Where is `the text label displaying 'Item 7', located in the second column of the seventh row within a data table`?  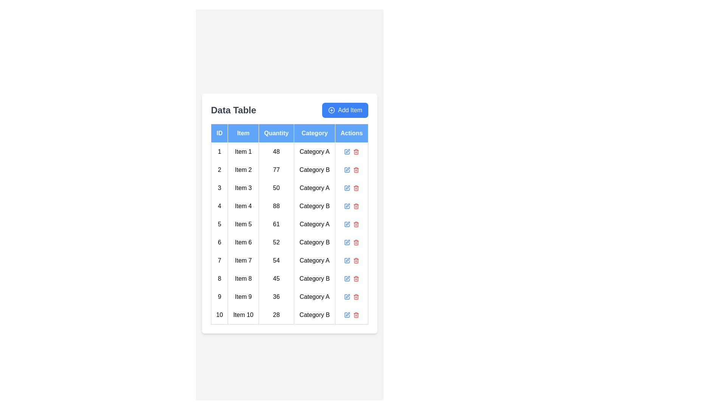
the text label displaying 'Item 7', located in the second column of the seventh row within a data table is located at coordinates (243, 260).